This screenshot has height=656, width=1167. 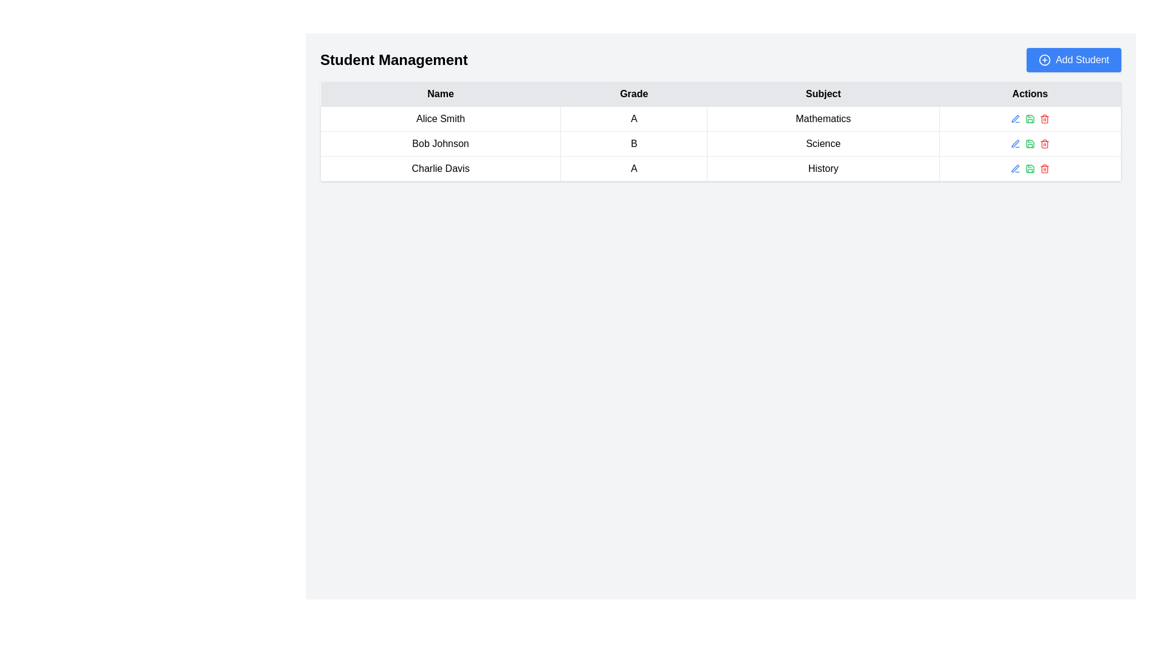 What do you see at coordinates (1029, 168) in the screenshot?
I see `the upper left region of the green outlined folder save icon located in the actions column of the table row for Charlie Davis to initiate the saving action` at bounding box center [1029, 168].